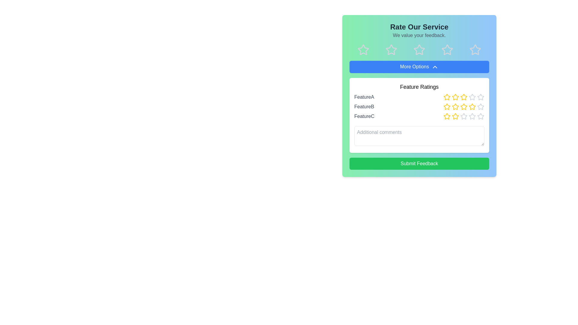 This screenshot has height=325, width=578. What do you see at coordinates (463, 96) in the screenshot?
I see `the third yellow star icon in the 5-star rating system under 'Feature A'` at bounding box center [463, 96].